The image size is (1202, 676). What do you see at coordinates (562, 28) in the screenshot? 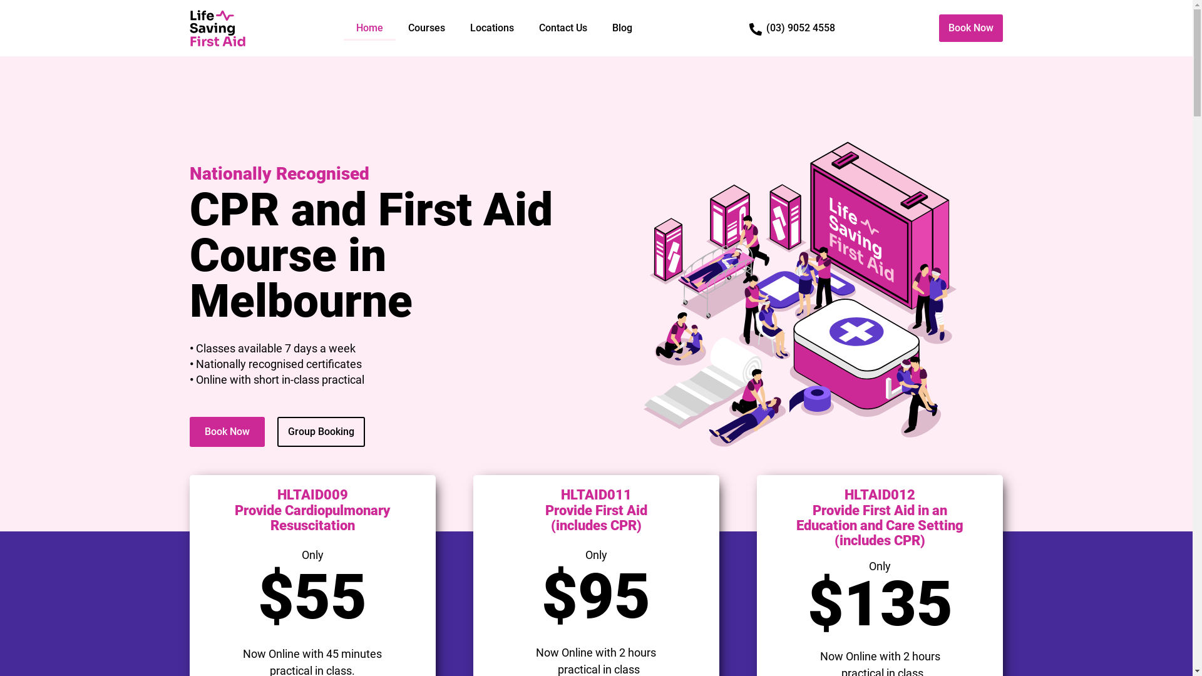
I see `'Contact Us'` at bounding box center [562, 28].